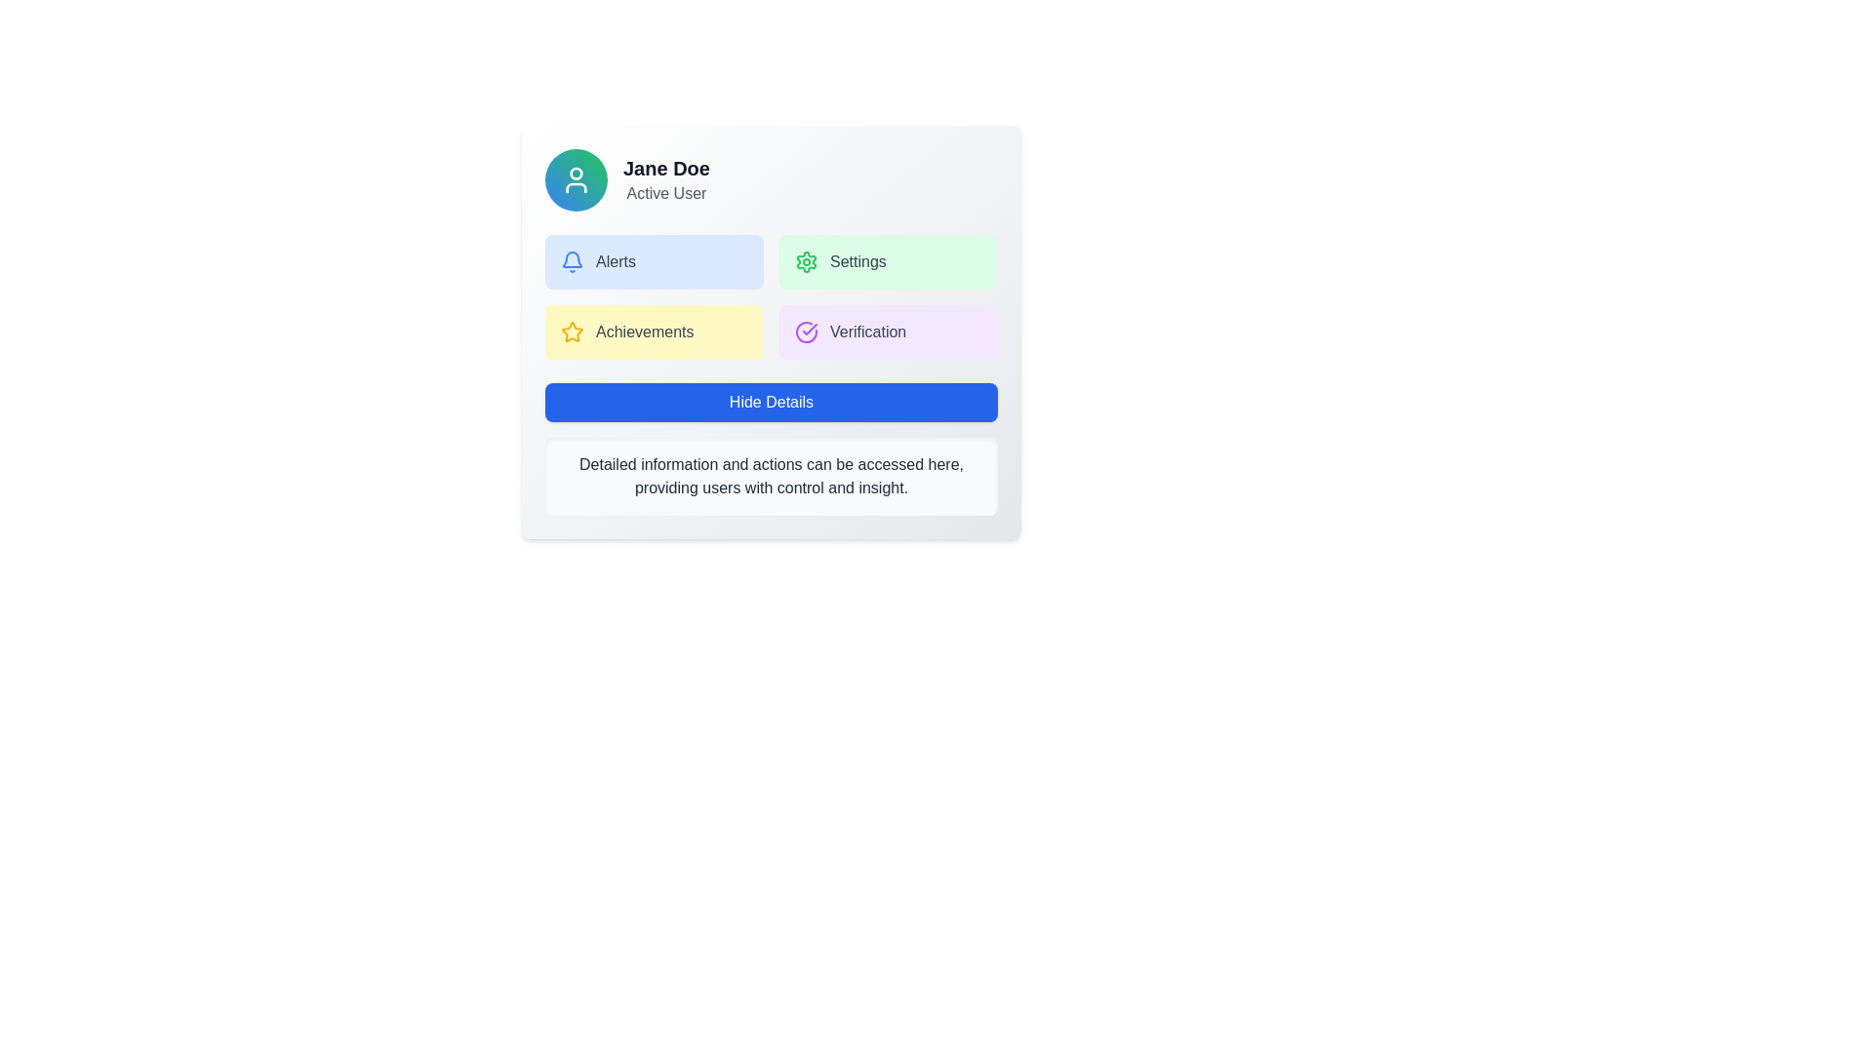 The height and width of the screenshot is (1053, 1873). What do you see at coordinates (806, 261) in the screenshot?
I see `the settings icon located in the top-right corner of the settings section, which is part of the second row of options in the main card` at bounding box center [806, 261].